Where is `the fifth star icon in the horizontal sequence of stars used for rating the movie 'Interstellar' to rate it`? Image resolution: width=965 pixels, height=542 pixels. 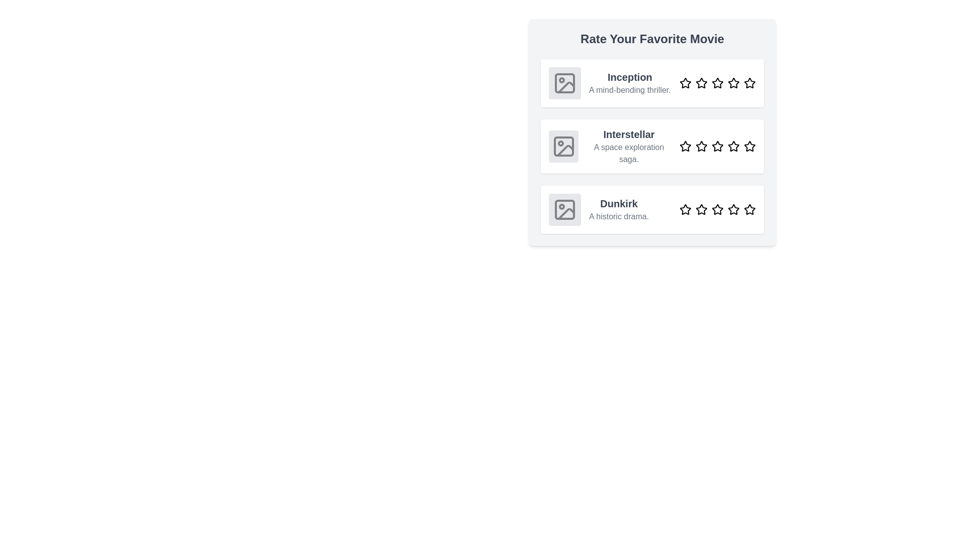
the fifth star icon in the horizontal sequence of stars used for rating the movie 'Interstellar' to rate it is located at coordinates (750, 147).